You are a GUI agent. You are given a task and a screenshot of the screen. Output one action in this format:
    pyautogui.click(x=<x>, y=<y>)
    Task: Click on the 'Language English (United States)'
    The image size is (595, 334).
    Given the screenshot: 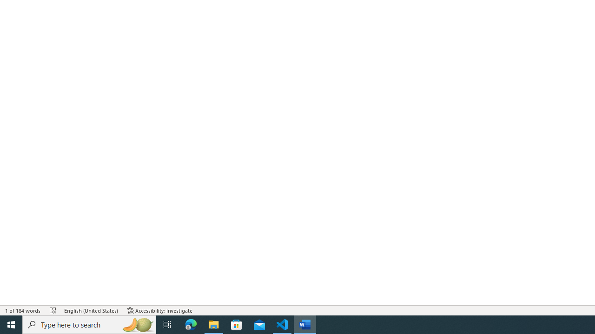 What is the action you would take?
    pyautogui.click(x=91, y=310)
    